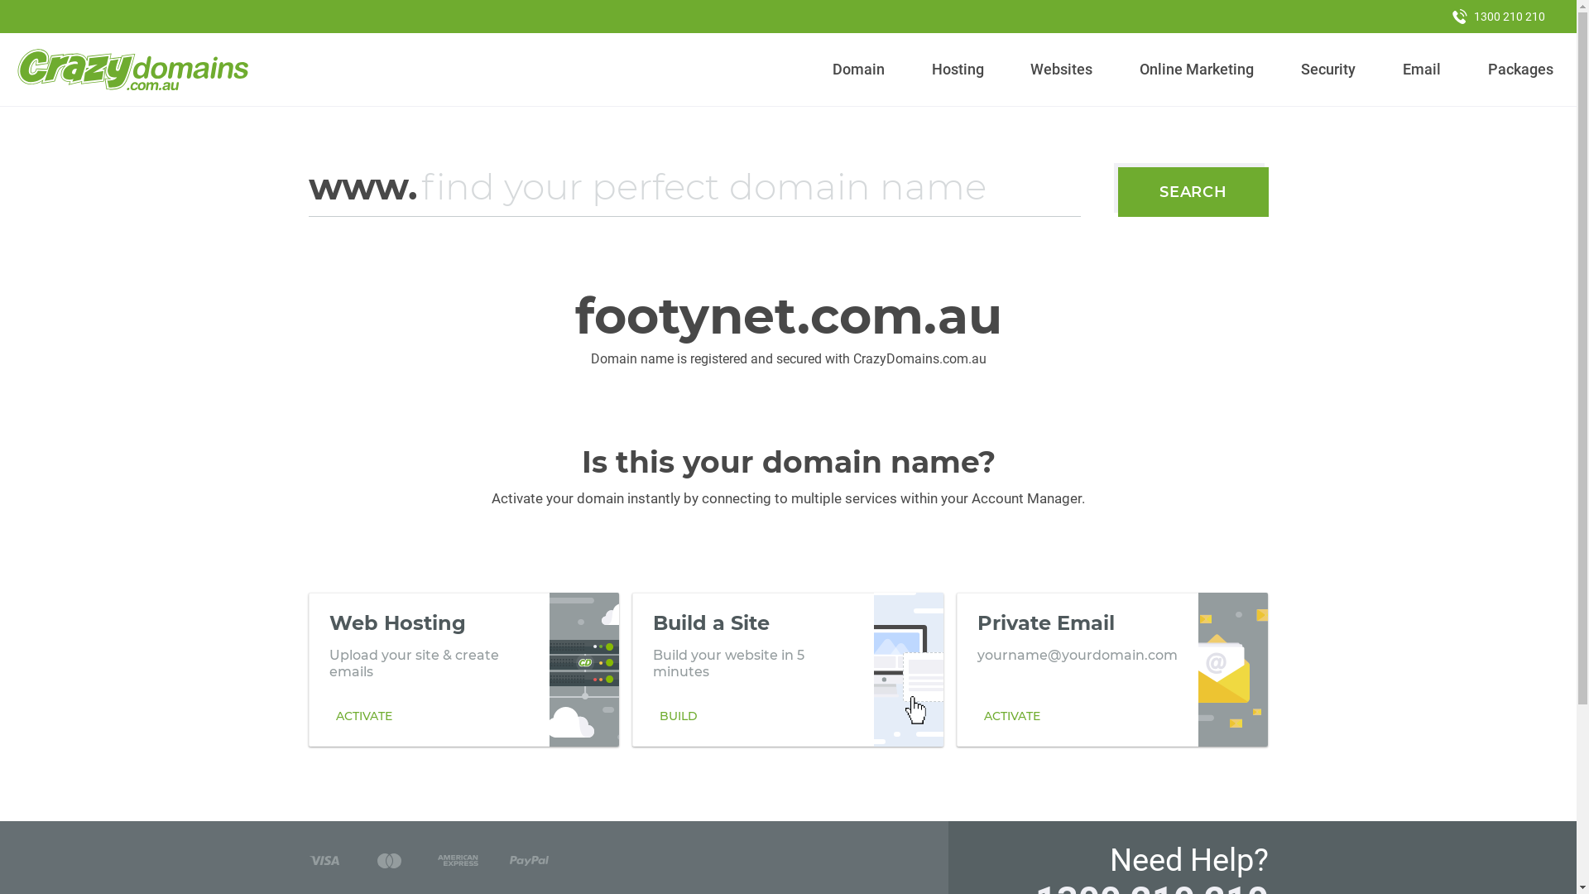 The image size is (1589, 894). Describe the element at coordinates (957, 69) in the screenshot. I see `'Hosting'` at that location.